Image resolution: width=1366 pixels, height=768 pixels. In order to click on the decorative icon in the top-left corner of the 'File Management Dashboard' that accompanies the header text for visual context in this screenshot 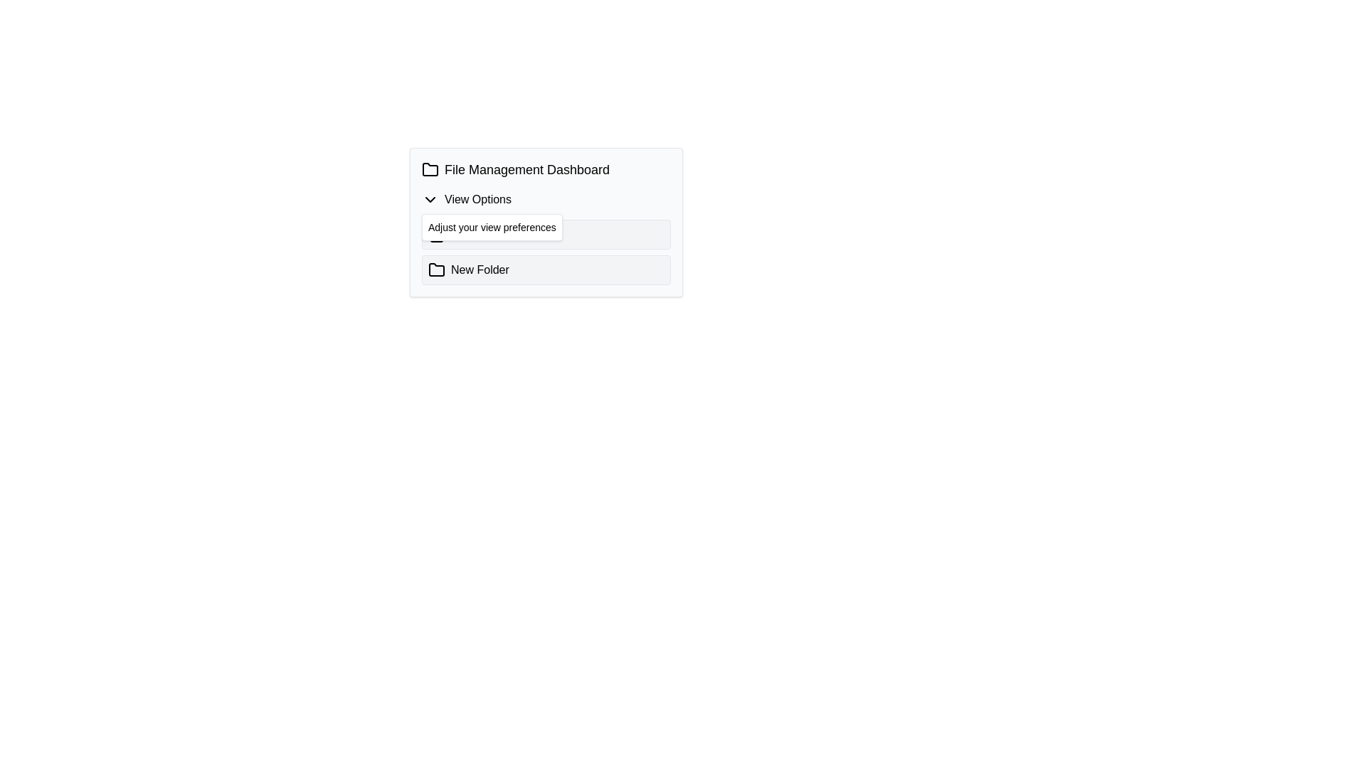, I will do `click(429, 169)`.